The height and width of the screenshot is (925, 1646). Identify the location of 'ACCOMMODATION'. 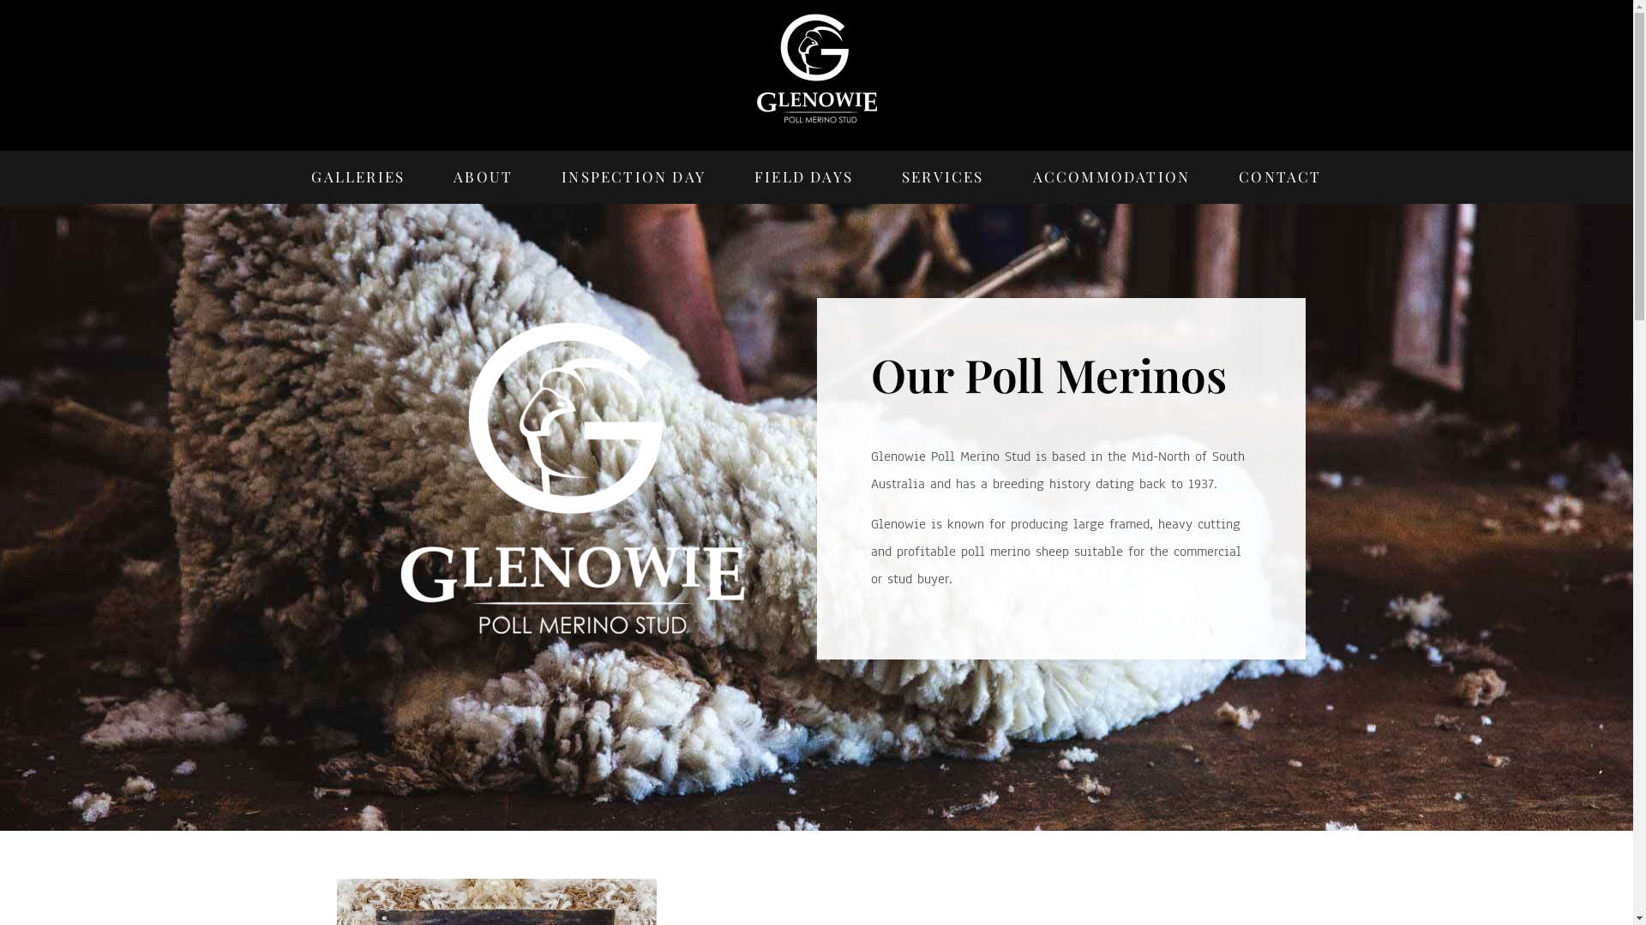
(1111, 177).